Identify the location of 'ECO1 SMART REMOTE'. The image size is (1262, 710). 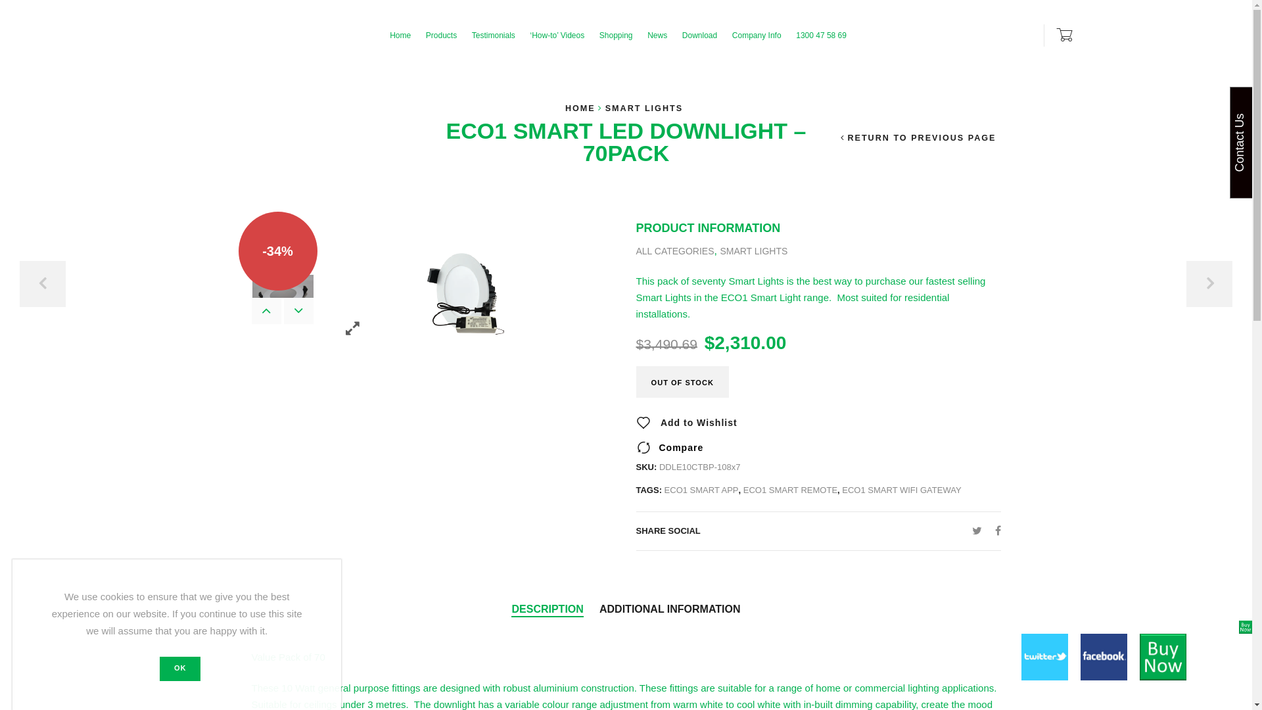
(789, 490).